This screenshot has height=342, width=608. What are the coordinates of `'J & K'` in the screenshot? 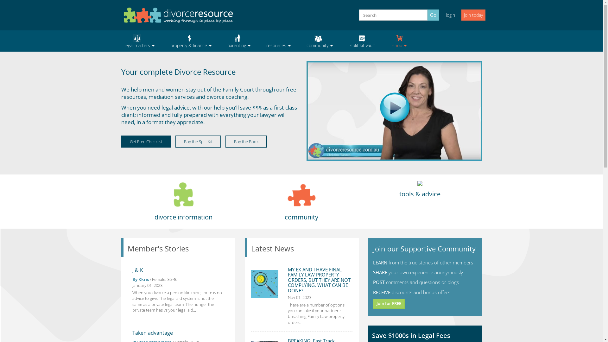 It's located at (132, 270).